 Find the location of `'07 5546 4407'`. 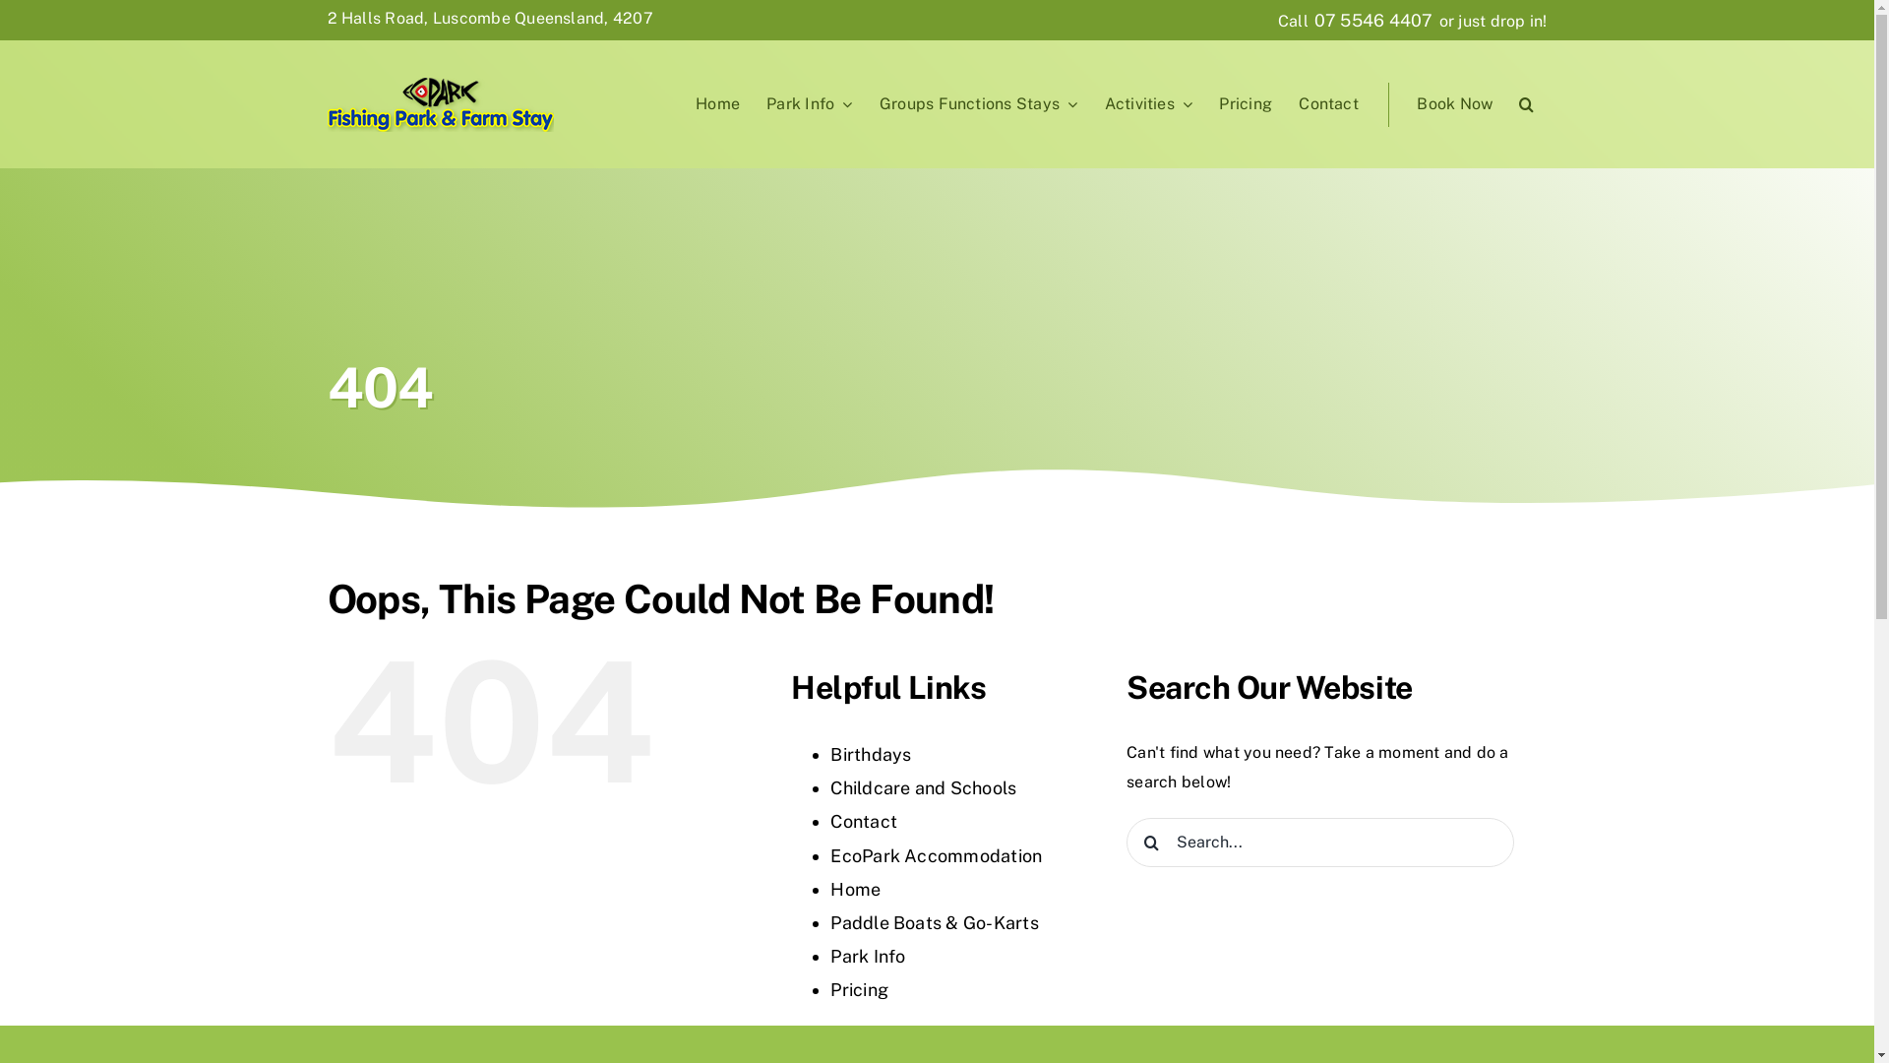

'07 5546 4407' is located at coordinates (1372, 20).